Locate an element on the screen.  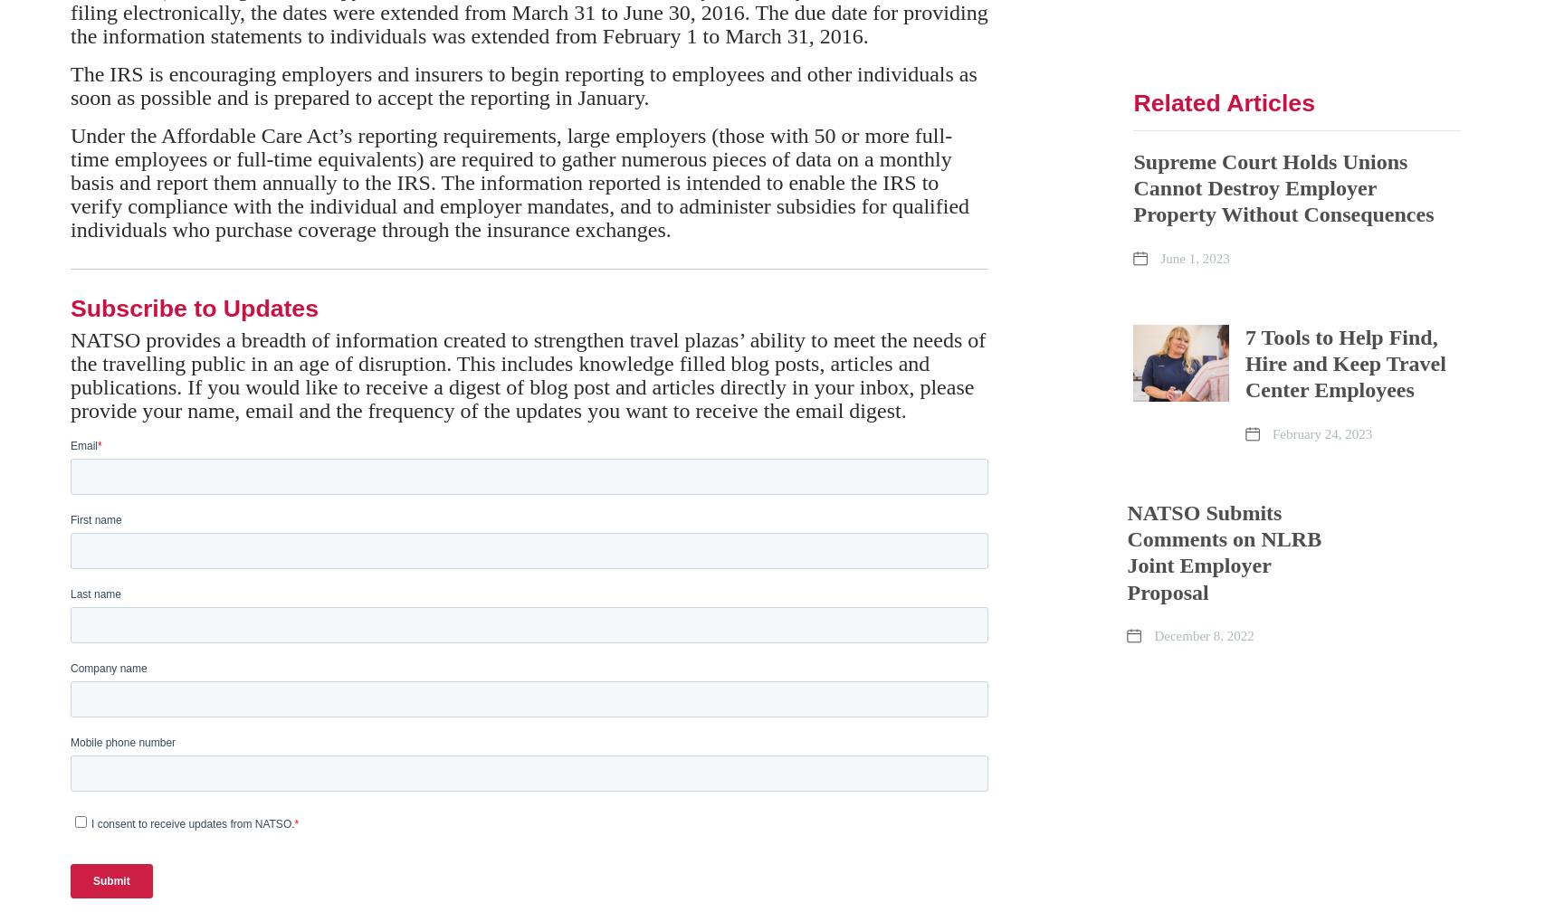
'Under the Affordable Care Act’s reporting requirements, large employers (those with 50 or more full-time employees or full-time equivalents) are required to gather numerous pieces of data on a monthly basis and report them annually to the IRS. The information reported is intended to enable the IRS to verify compliance with the individual and employer mandates, and to administer subsidies for qualified individuals who purchase coverage through the insurance exchanges.' is located at coordinates (71, 181).